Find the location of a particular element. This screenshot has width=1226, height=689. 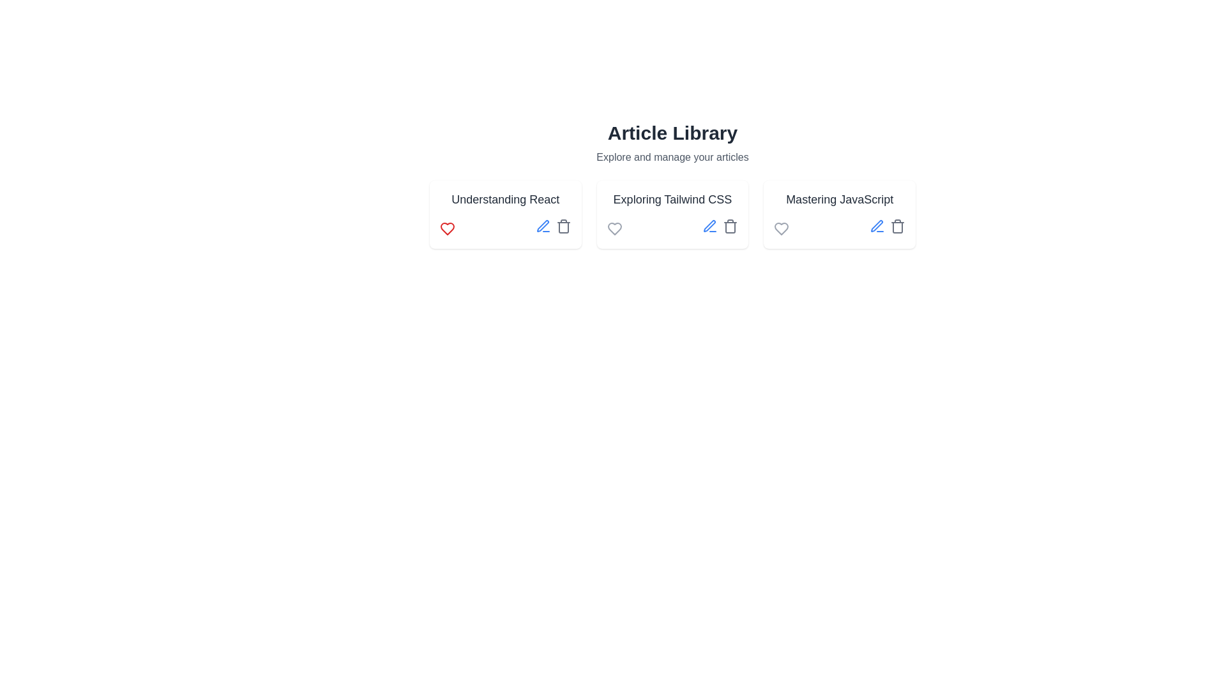

the trash can icon button located at the bottom-right of the 'Understanding React' card is located at coordinates (563, 227).